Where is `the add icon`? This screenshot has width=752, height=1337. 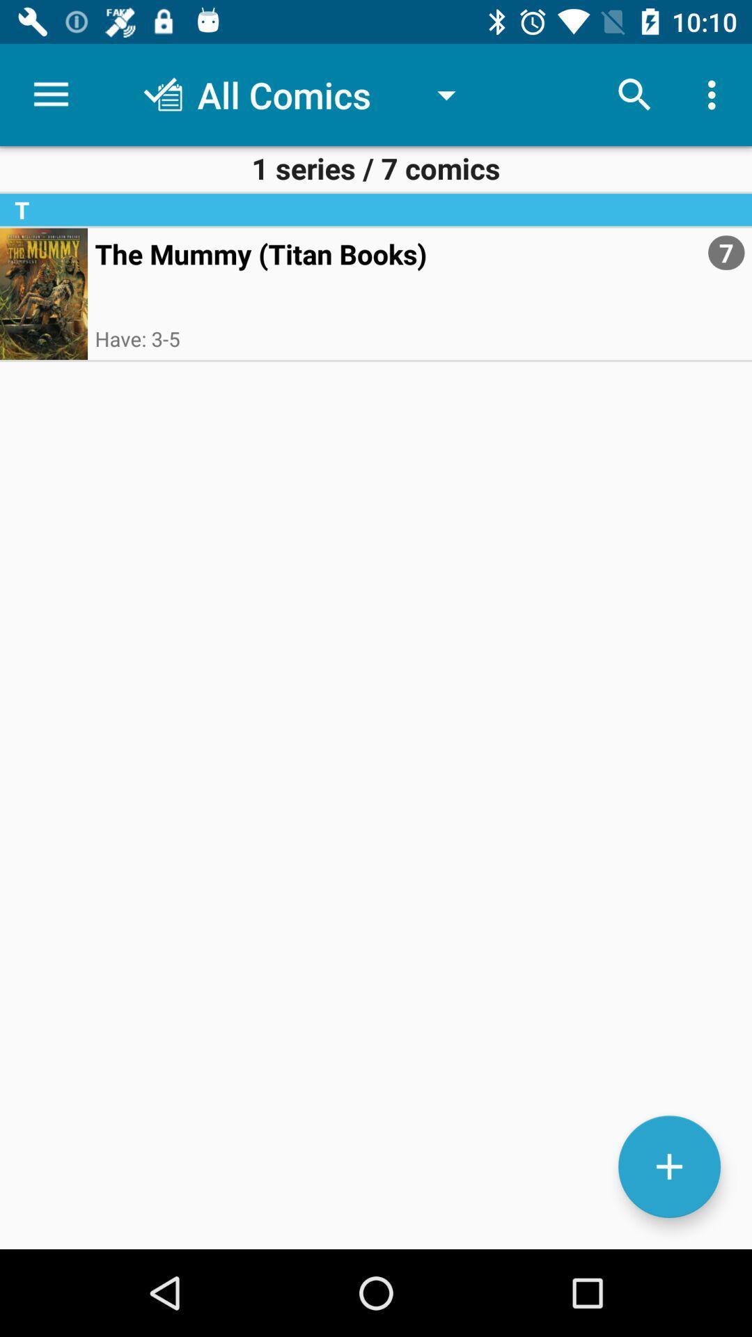
the add icon is located at coordinates (668, 1166).